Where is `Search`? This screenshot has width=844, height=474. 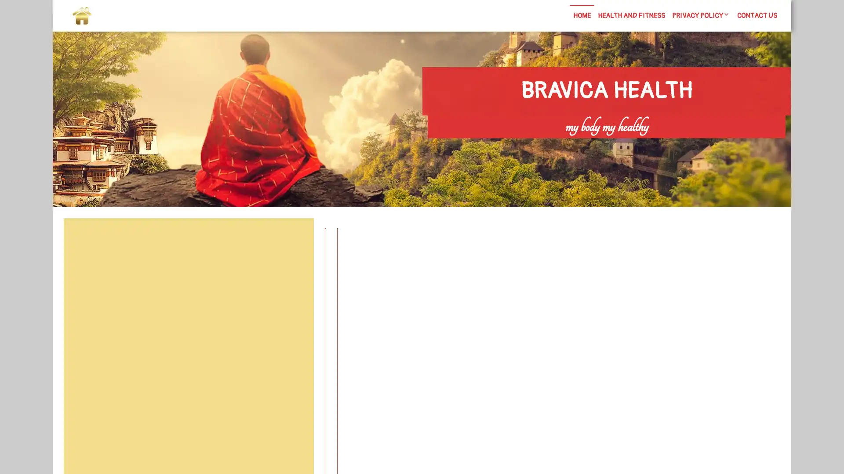 Search is located at coordinates (684, 144).